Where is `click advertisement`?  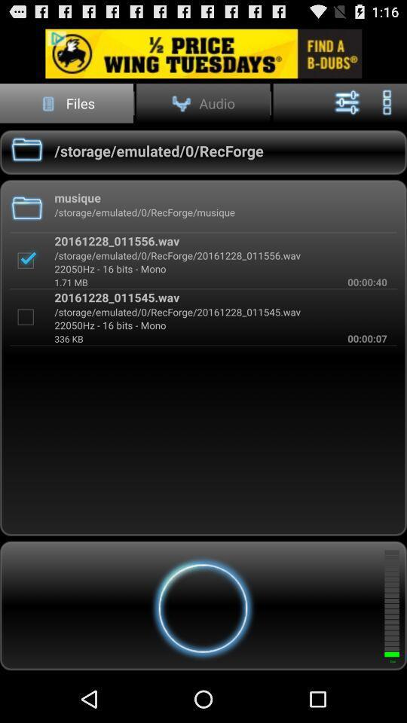
click advertisement is located at coordinates (203, 53).